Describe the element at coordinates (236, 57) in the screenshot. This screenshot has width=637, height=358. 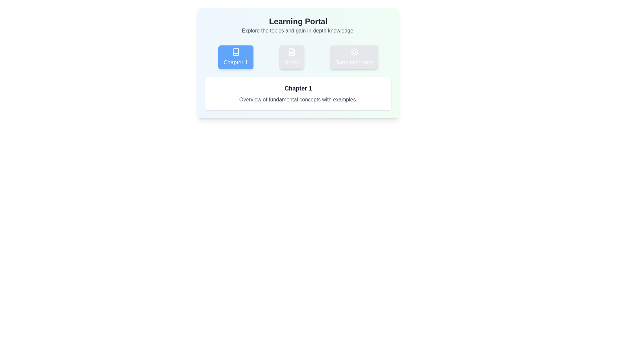
I see `the button labeled 'Chapter 1' with a book icon to trigger the scale animation` at that location.